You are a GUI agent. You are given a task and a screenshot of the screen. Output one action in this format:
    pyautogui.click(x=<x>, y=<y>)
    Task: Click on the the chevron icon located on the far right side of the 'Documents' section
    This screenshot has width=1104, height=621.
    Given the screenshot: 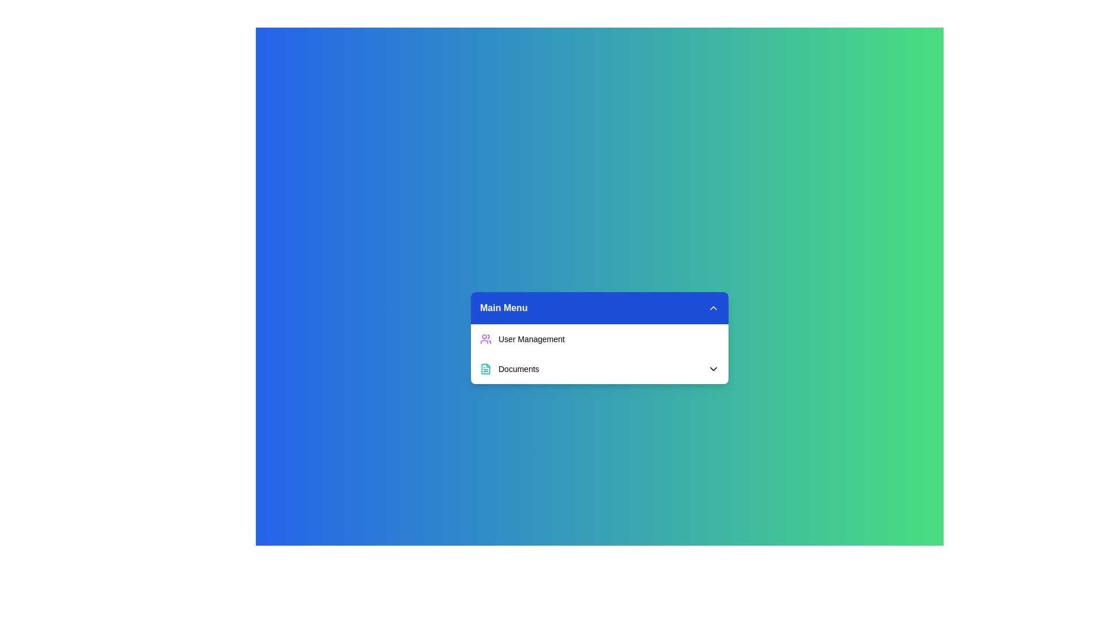 What is the action you would take?
    pyautogui.click(x=713, y=369)
    